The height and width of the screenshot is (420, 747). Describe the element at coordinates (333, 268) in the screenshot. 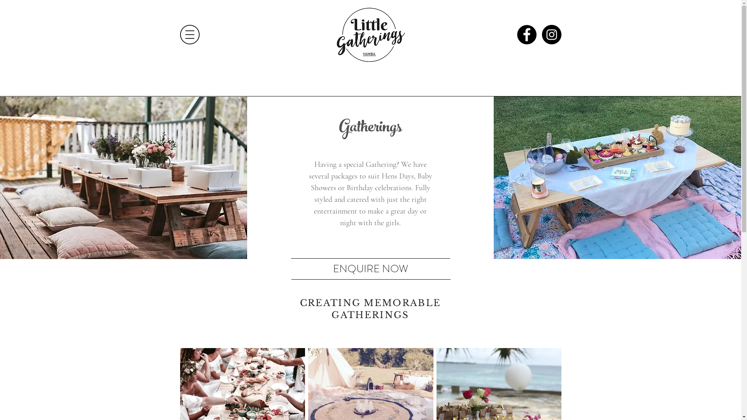

I see `'ENQUIRE NOW'` at that location.